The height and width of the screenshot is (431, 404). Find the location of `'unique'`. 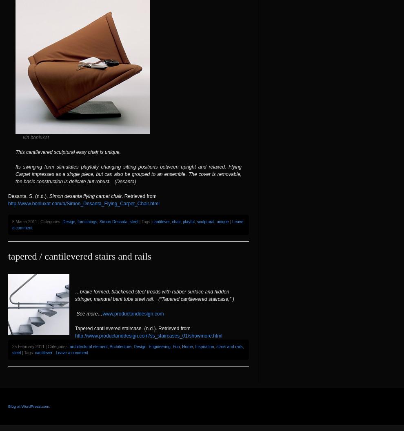

'unique' is located at coordinates (222, 221).